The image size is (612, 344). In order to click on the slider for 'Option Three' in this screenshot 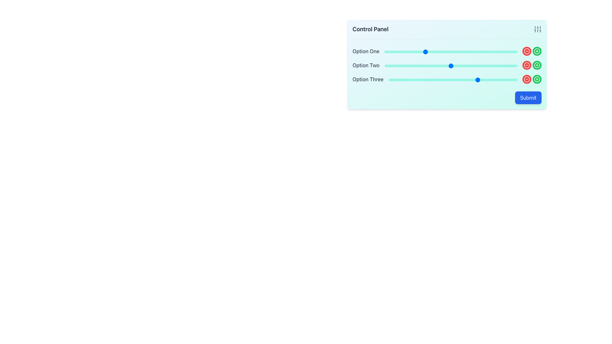, I will do `click(477, 79)`.